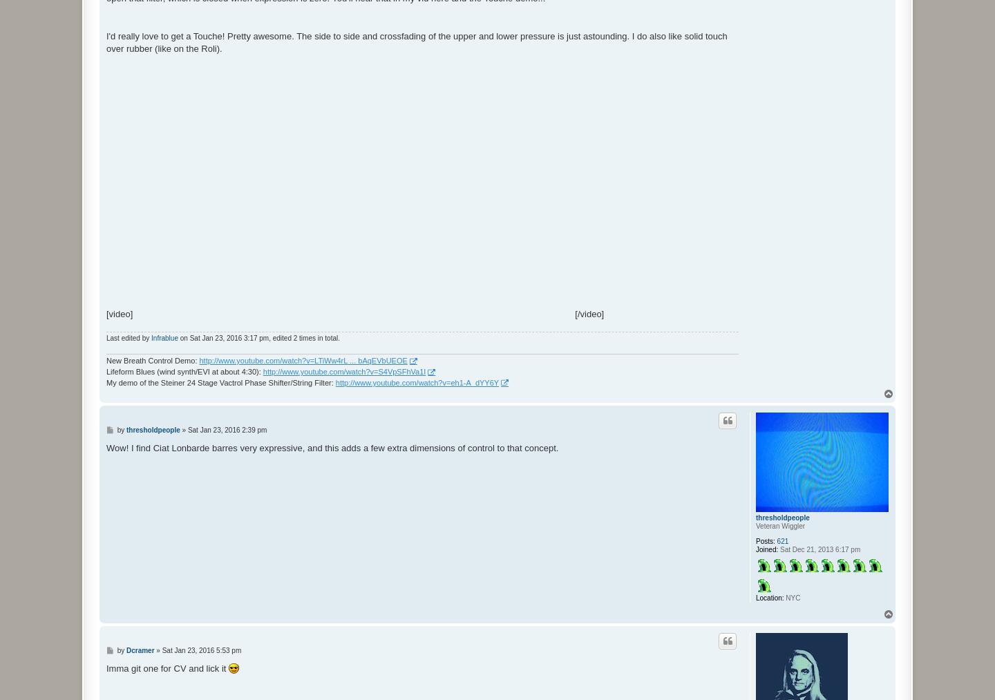 This screenshot has height=700, width=995. I want to click on 'My demo of the Steiner 24 Stage Vactrol Phase Shifter/String Filter:', so click(220, 381).